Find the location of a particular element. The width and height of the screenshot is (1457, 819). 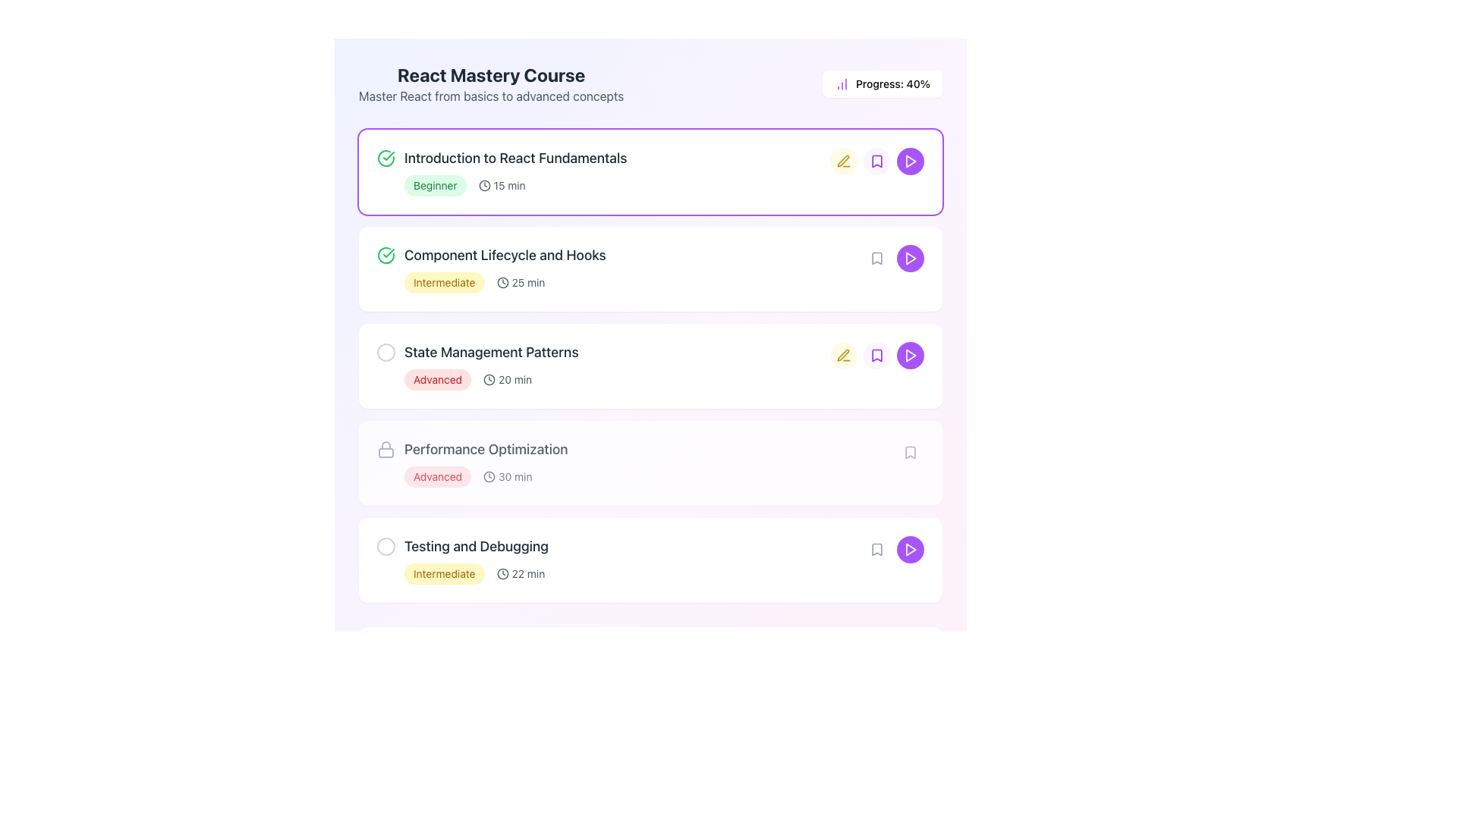

title text of the course module located in the third item of the vertical list, positioned to the right of a circular marker is located at coordinates (491, 353).